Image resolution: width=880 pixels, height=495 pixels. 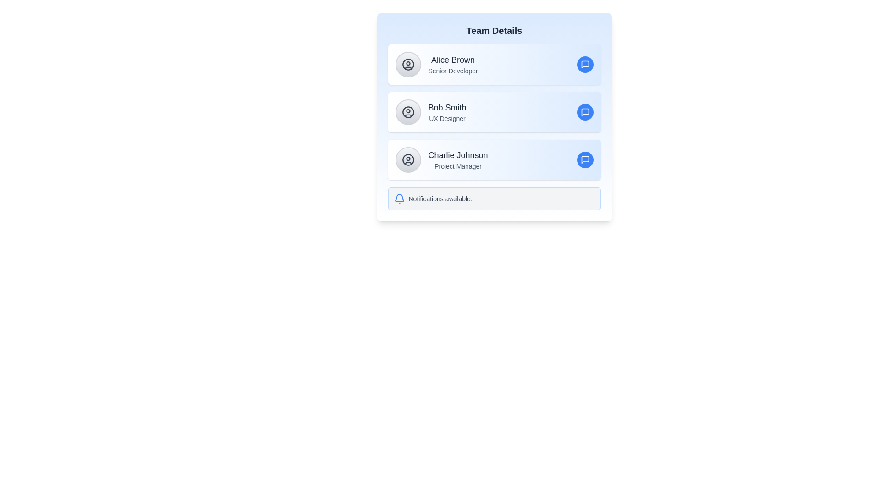 I want to click on the circular icon with a profile silhouette design, located to the left of 'Alice Brown' in the 'Team Details' list, so click(x=407, y=64).